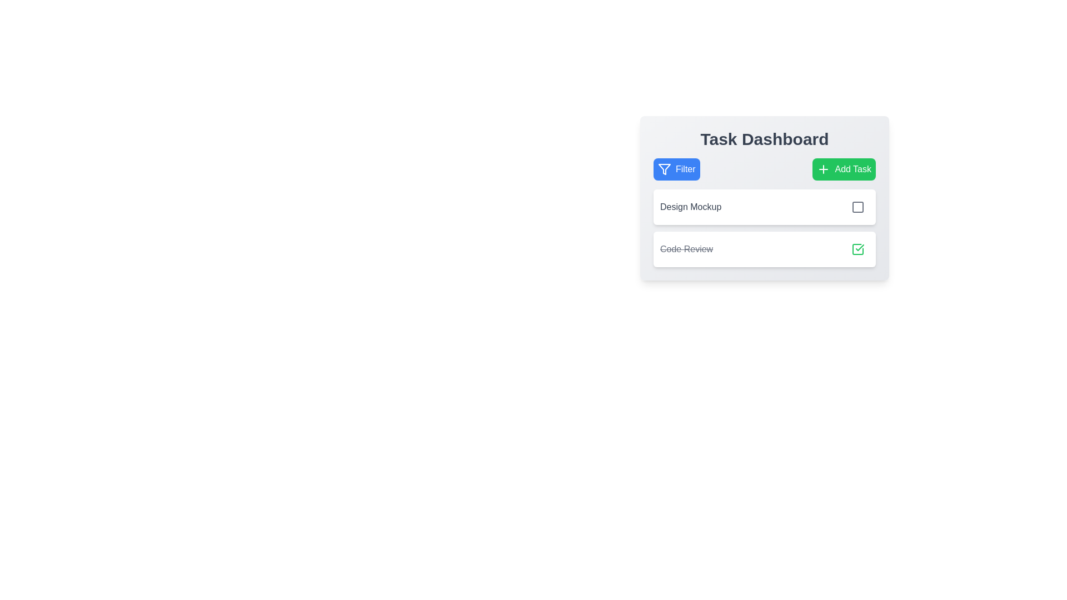  I want to click on the 'Filter' icon, which visually represents the filtering action and is located to the left of the text label within the 'Filter' button, so click(664, 169).